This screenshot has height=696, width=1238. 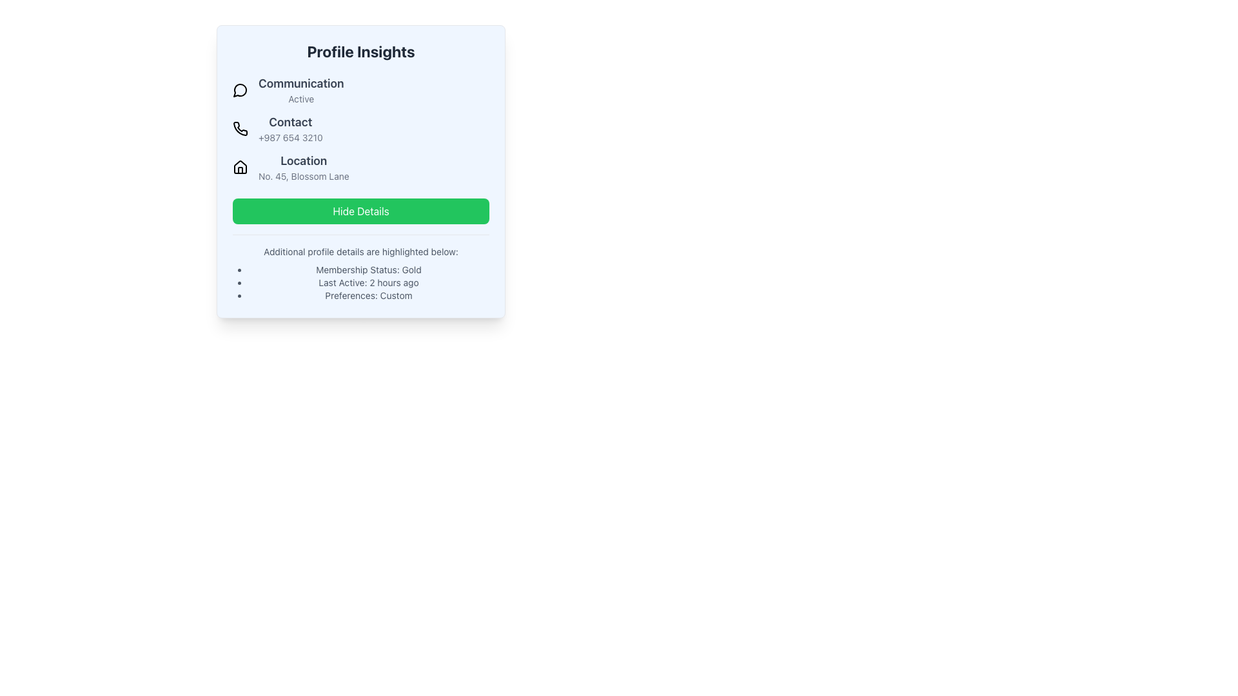 I want to click on the phone number text displayed in the 'Profile Insights' card, located directly below the 'Contact' label and adjacent to the phone icon, so click(x=290, y=137).